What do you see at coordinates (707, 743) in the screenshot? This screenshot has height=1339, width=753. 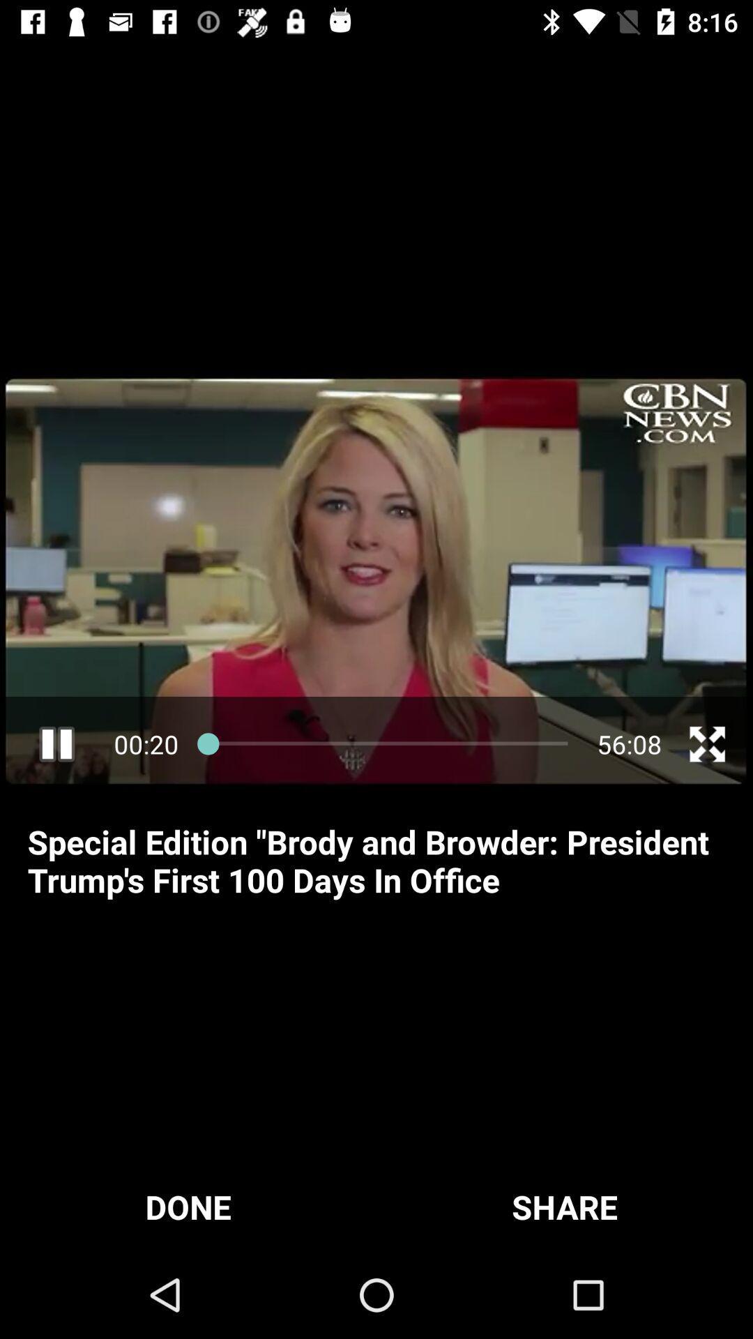 I see `the fullscreen icon` at bounding box center [707, 743].